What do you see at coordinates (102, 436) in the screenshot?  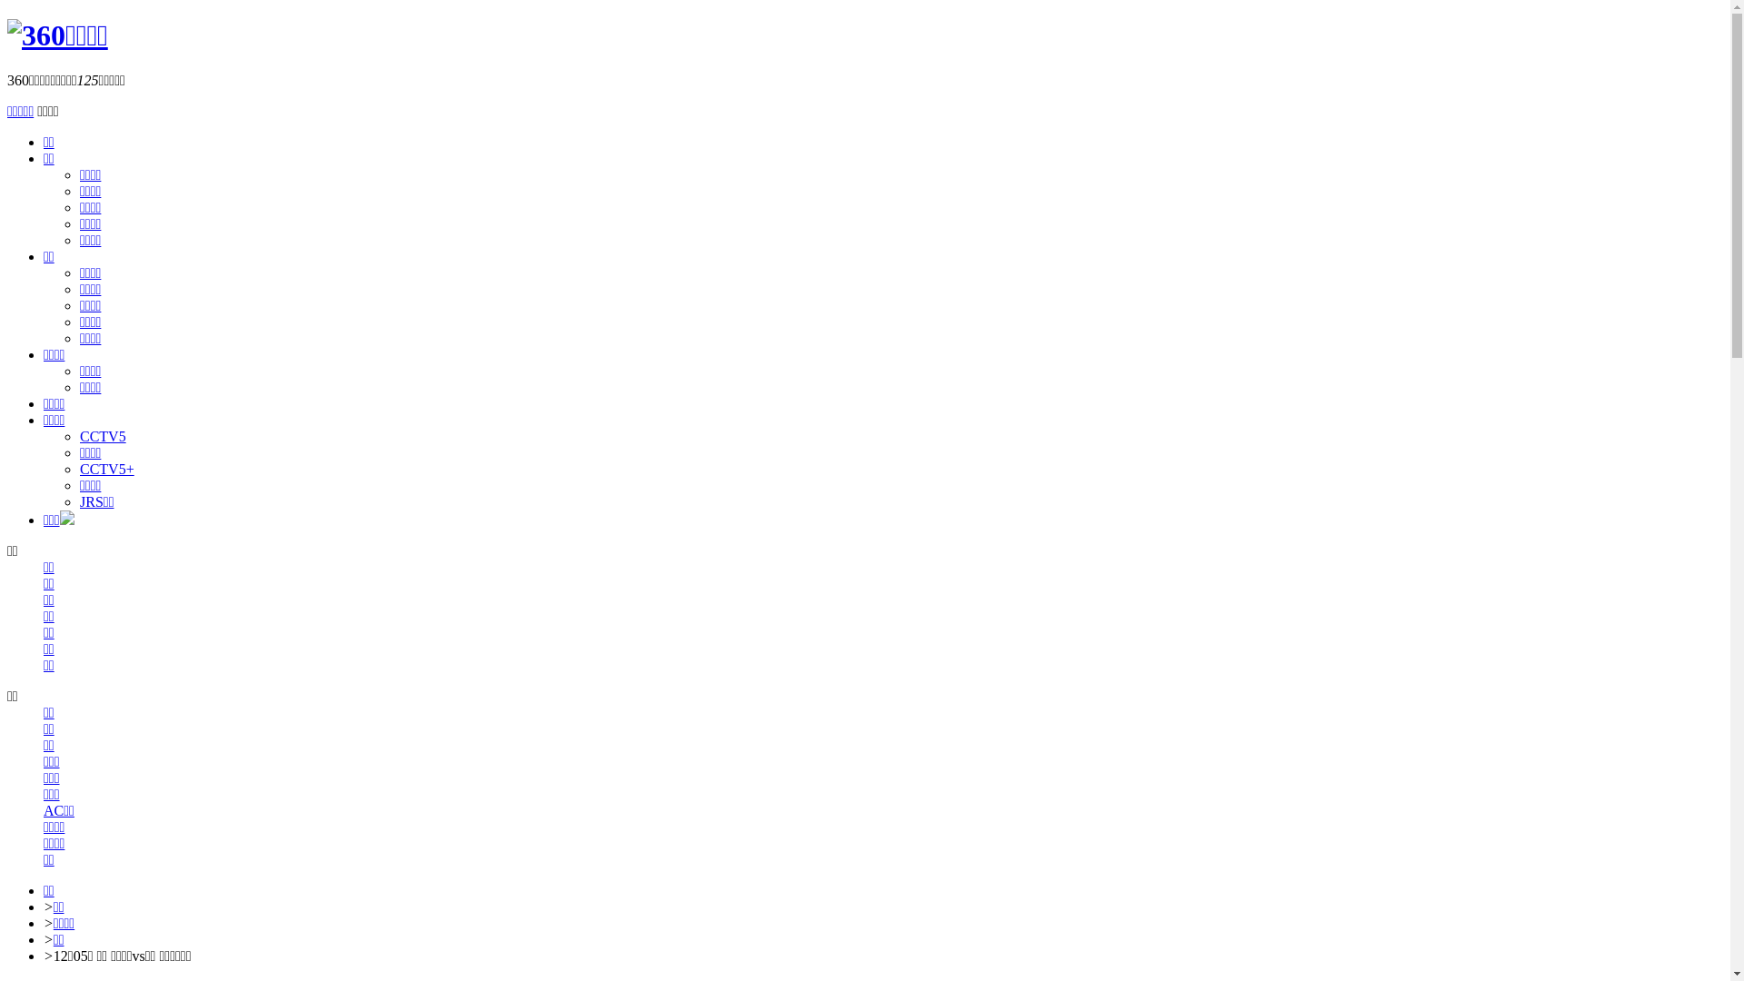 I see `'CCTV5'` at bounding box center [102, 436].